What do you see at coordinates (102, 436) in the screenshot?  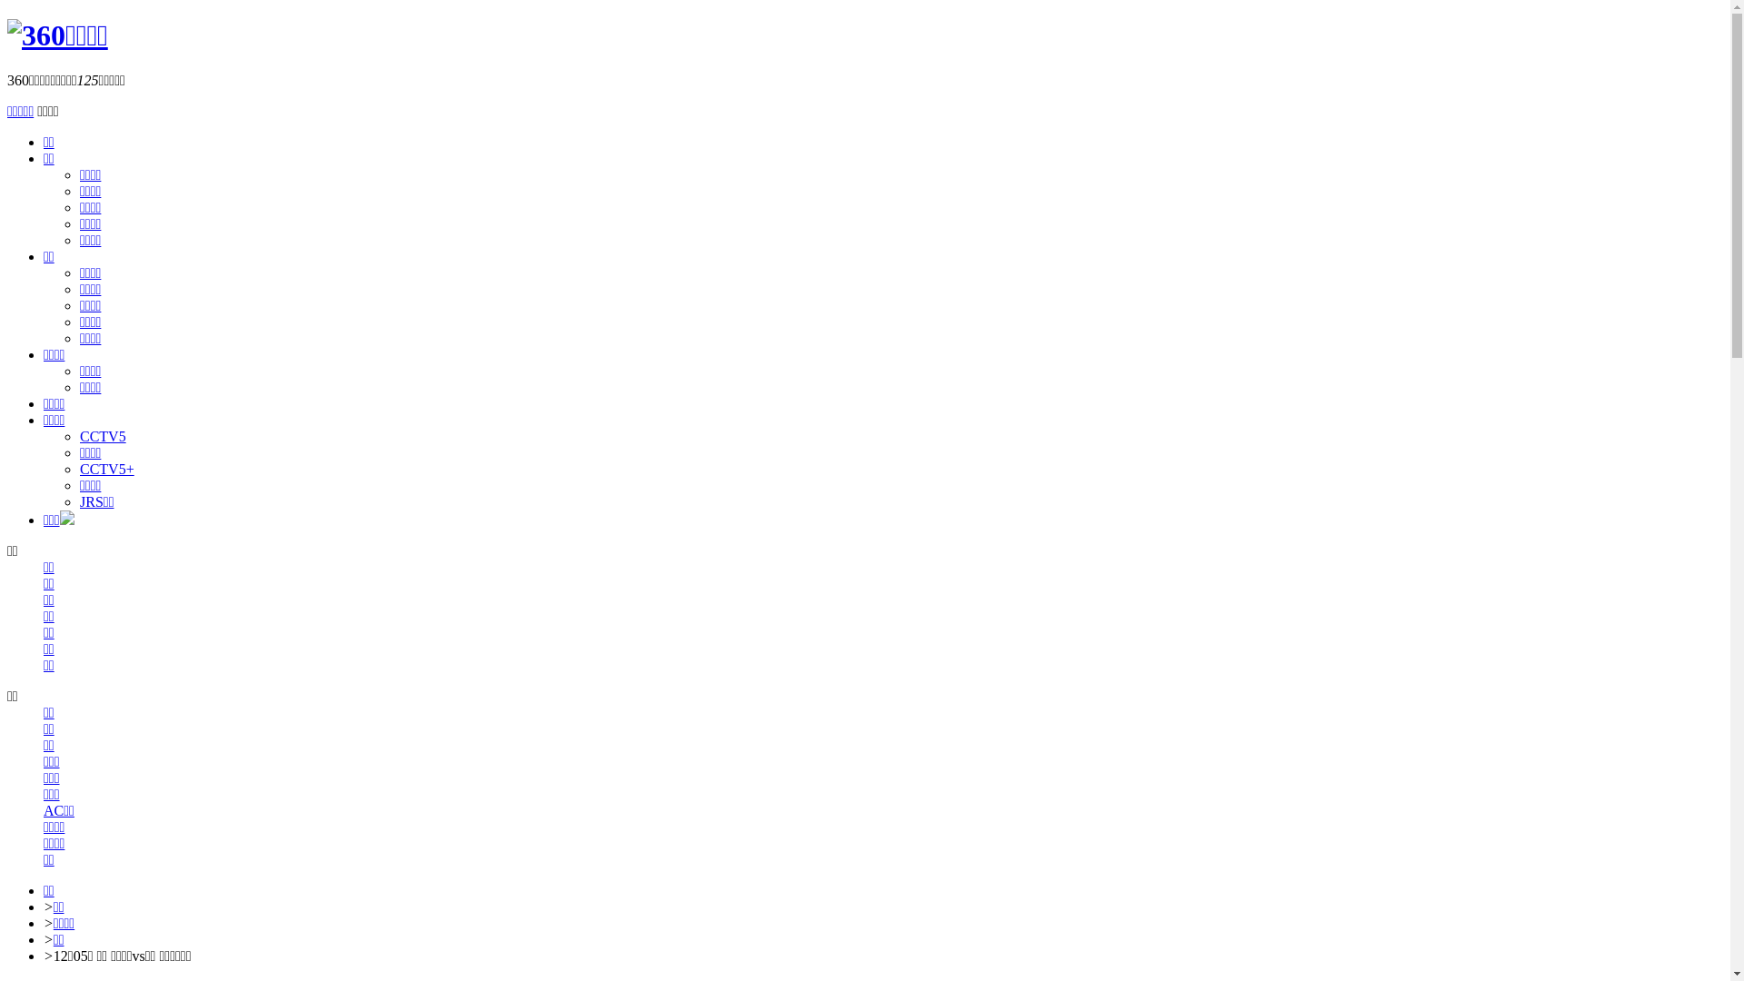 I see `'CCTV5'` at bounding box center [102, 436].